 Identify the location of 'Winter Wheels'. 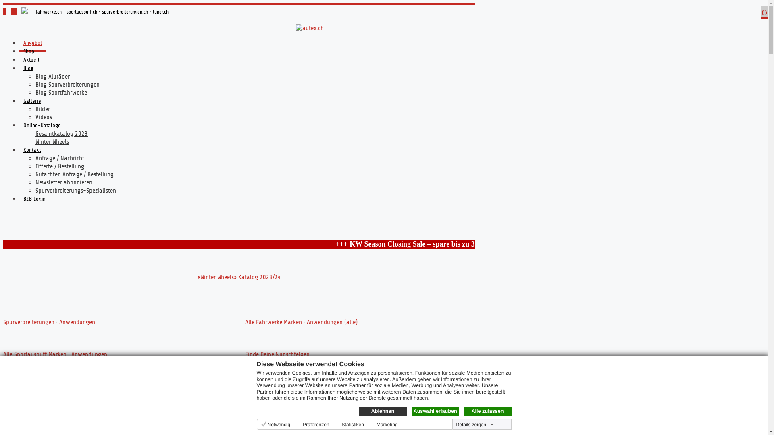
(52, 141).